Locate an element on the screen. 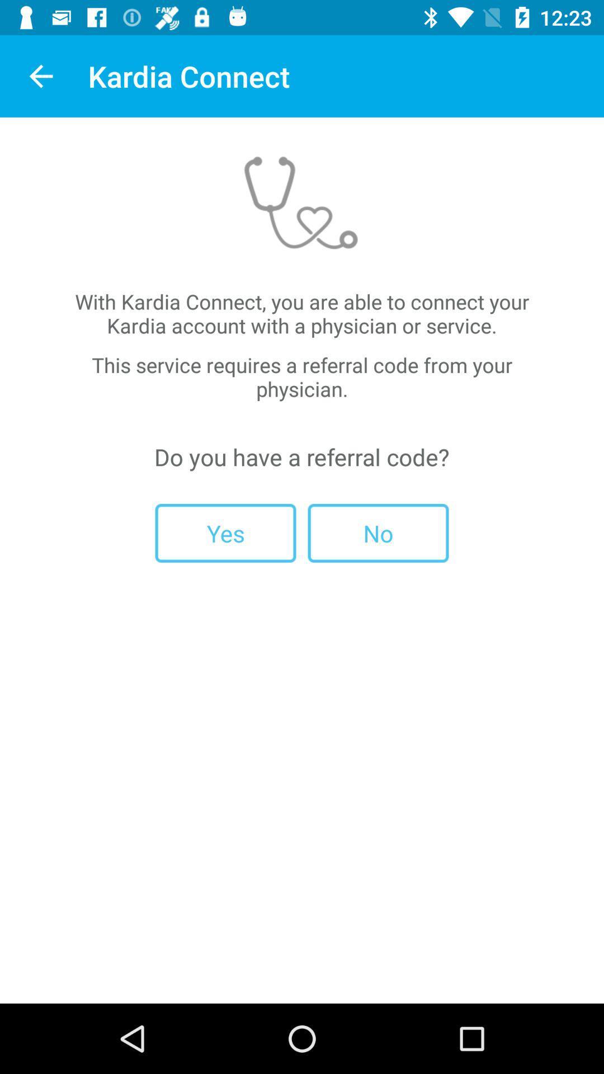  the item next to the no is located at coordinates (225, 533).